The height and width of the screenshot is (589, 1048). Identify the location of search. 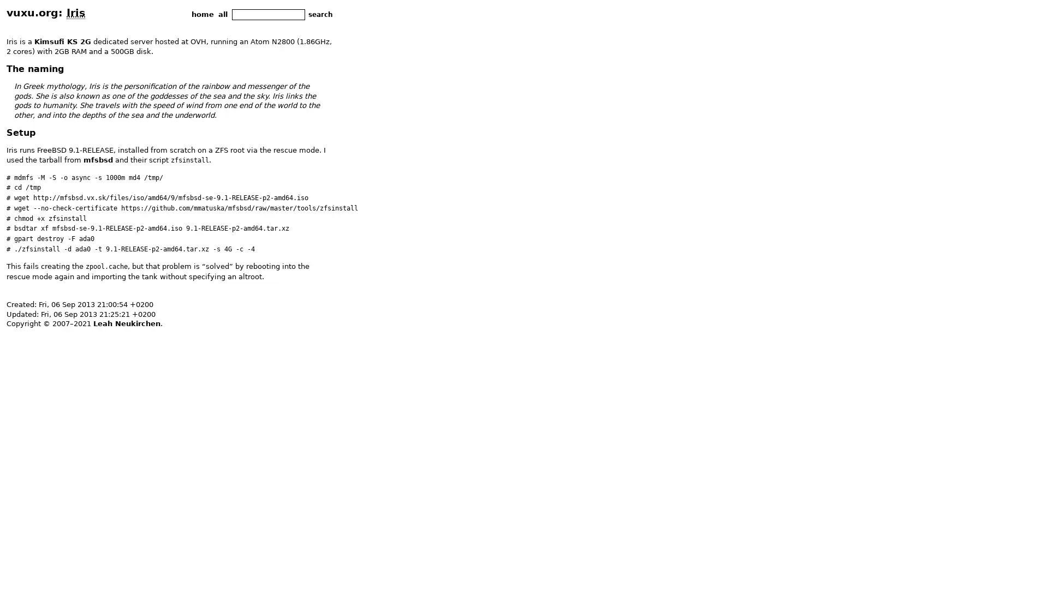
(320, 14).